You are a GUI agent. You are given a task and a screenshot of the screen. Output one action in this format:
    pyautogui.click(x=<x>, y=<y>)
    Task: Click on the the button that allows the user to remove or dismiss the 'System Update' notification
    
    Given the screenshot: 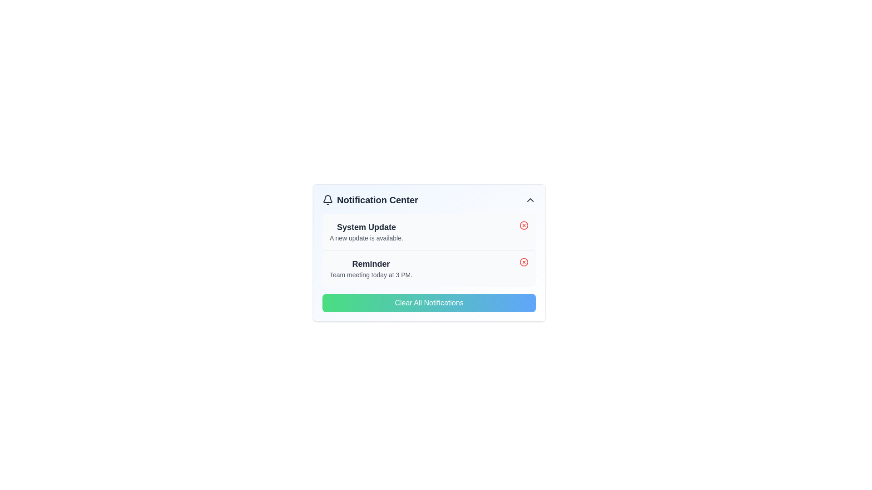 What is the action you would take?
    pyautogui.click(x=524, y=225)
    